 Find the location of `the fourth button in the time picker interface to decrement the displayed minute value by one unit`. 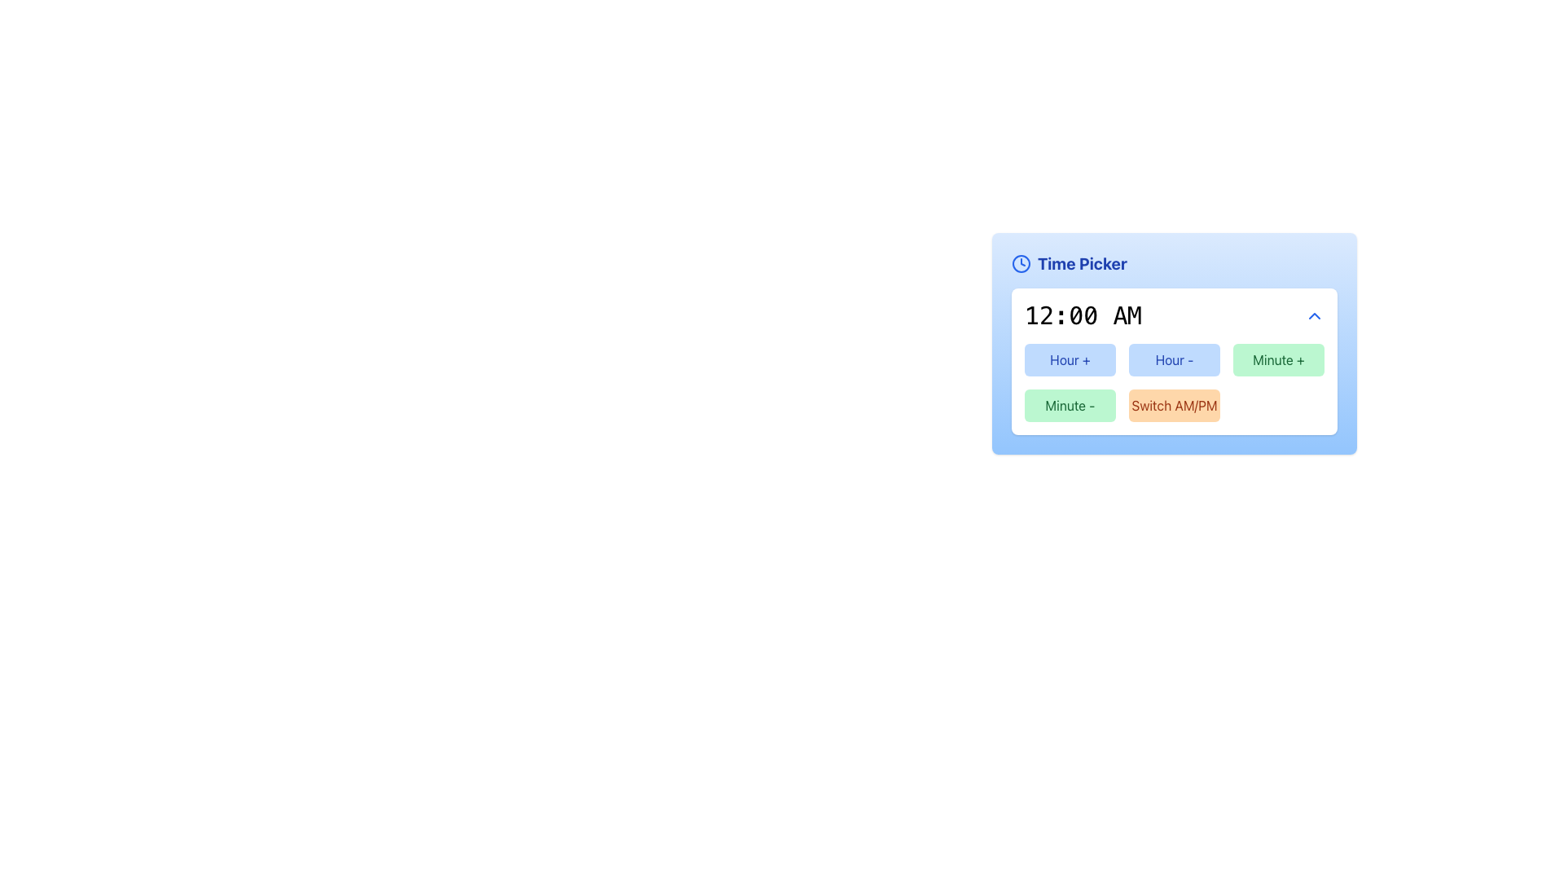

the fourth button in the time picker interface to decrement the displayed minute value by one unit is located at coordinates (1070, 404).